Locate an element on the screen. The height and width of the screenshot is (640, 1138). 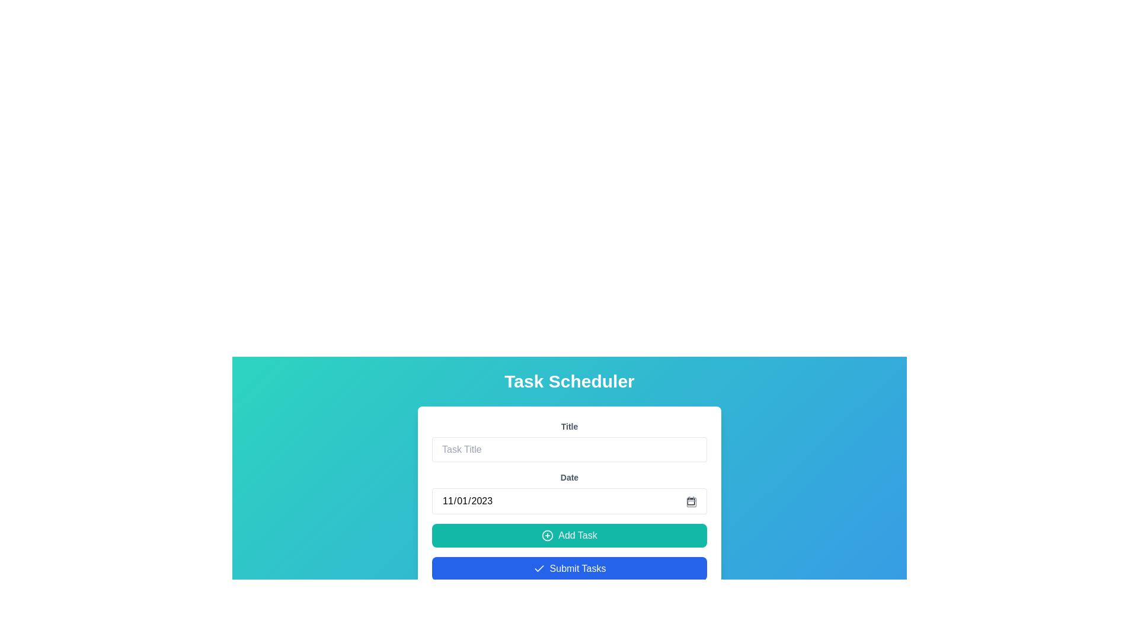
the 'Add Task' button with a teal background and white text is located at coordinates (569, 535).